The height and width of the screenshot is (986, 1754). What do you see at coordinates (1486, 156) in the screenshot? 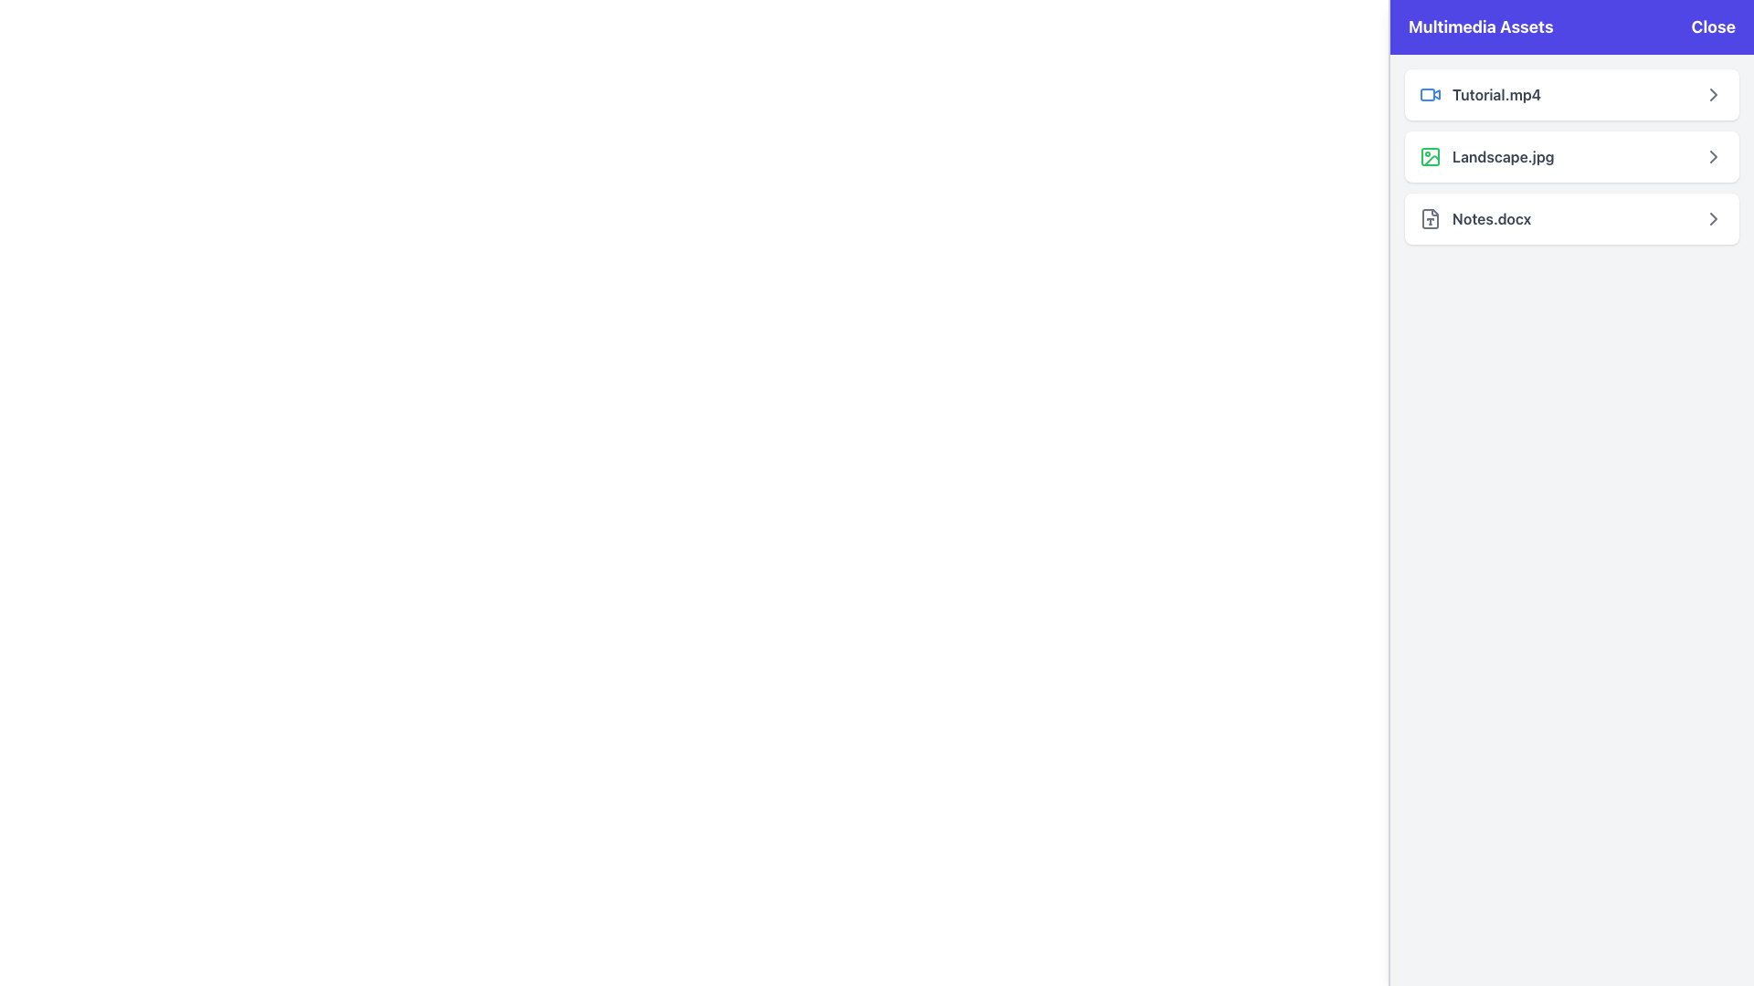
I see `the clickable list item representing the file 'Landscape.jpg'` at bounding box center [1486, 156].